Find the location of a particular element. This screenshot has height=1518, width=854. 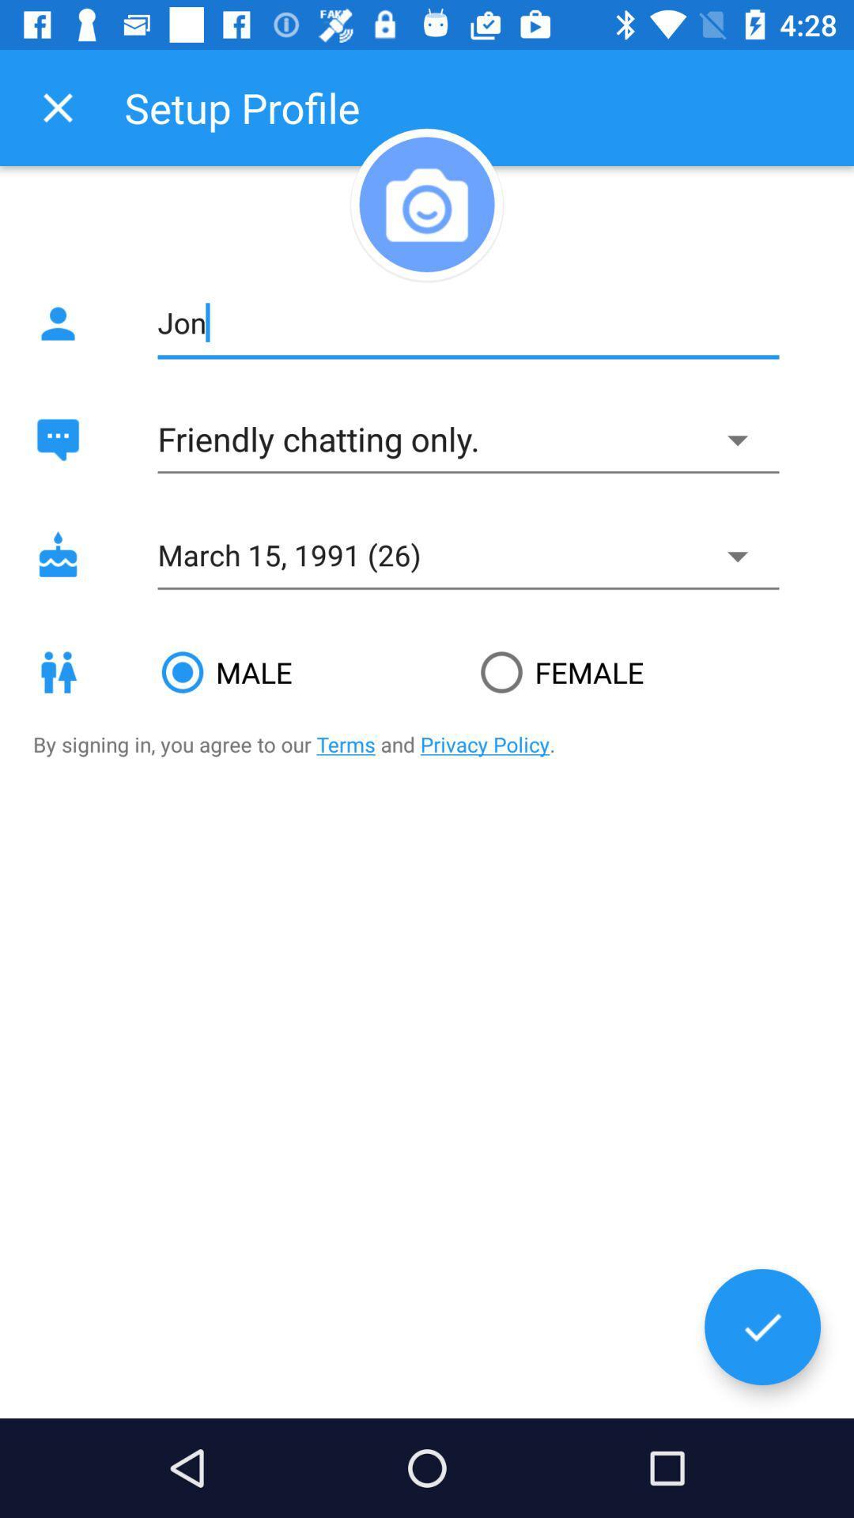

validation button is located at coordinates (761, 1327).